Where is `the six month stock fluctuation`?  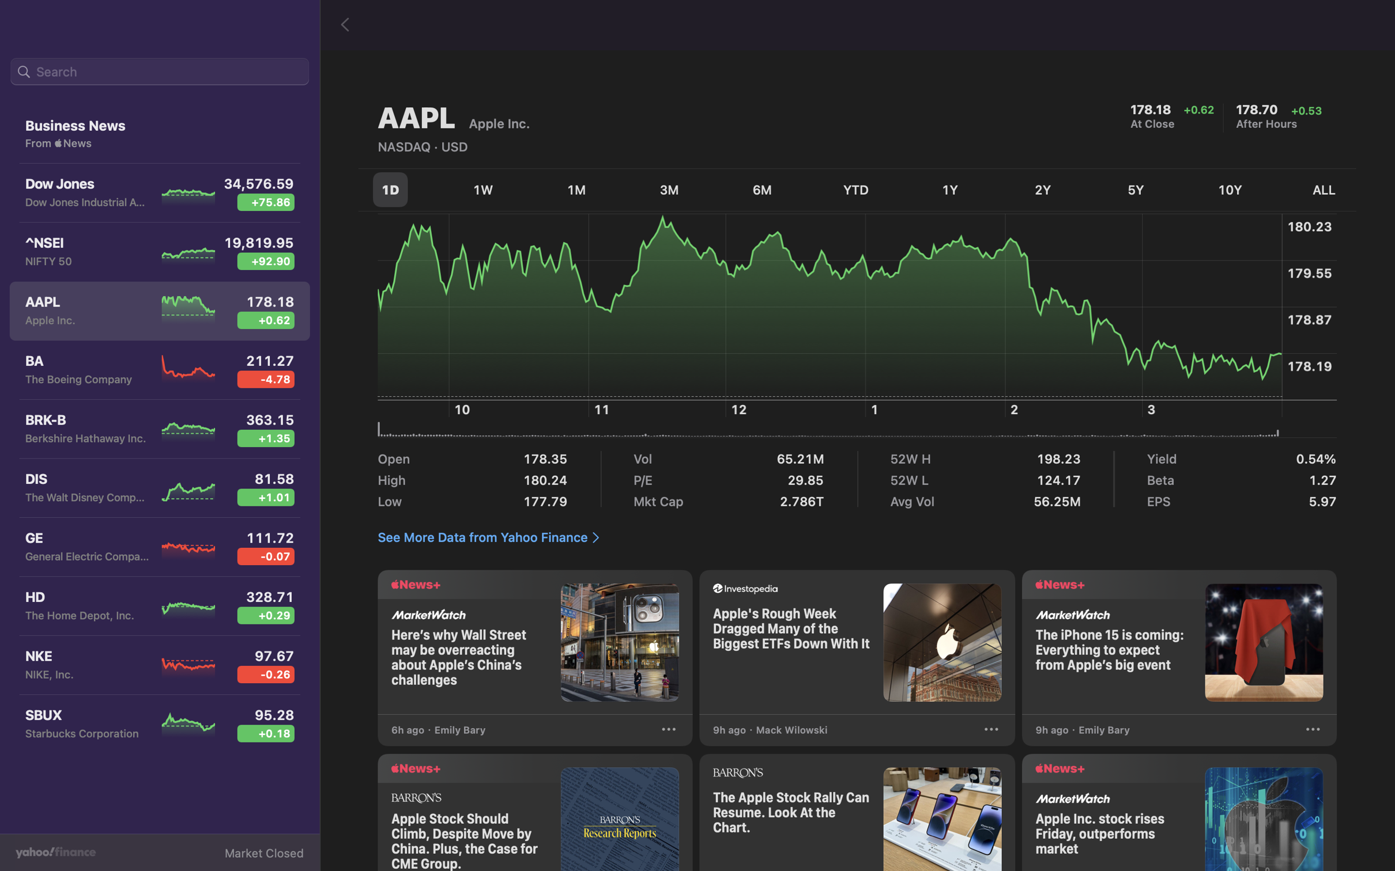
the six month stock fluctuation is located at coordinates (764, 187).